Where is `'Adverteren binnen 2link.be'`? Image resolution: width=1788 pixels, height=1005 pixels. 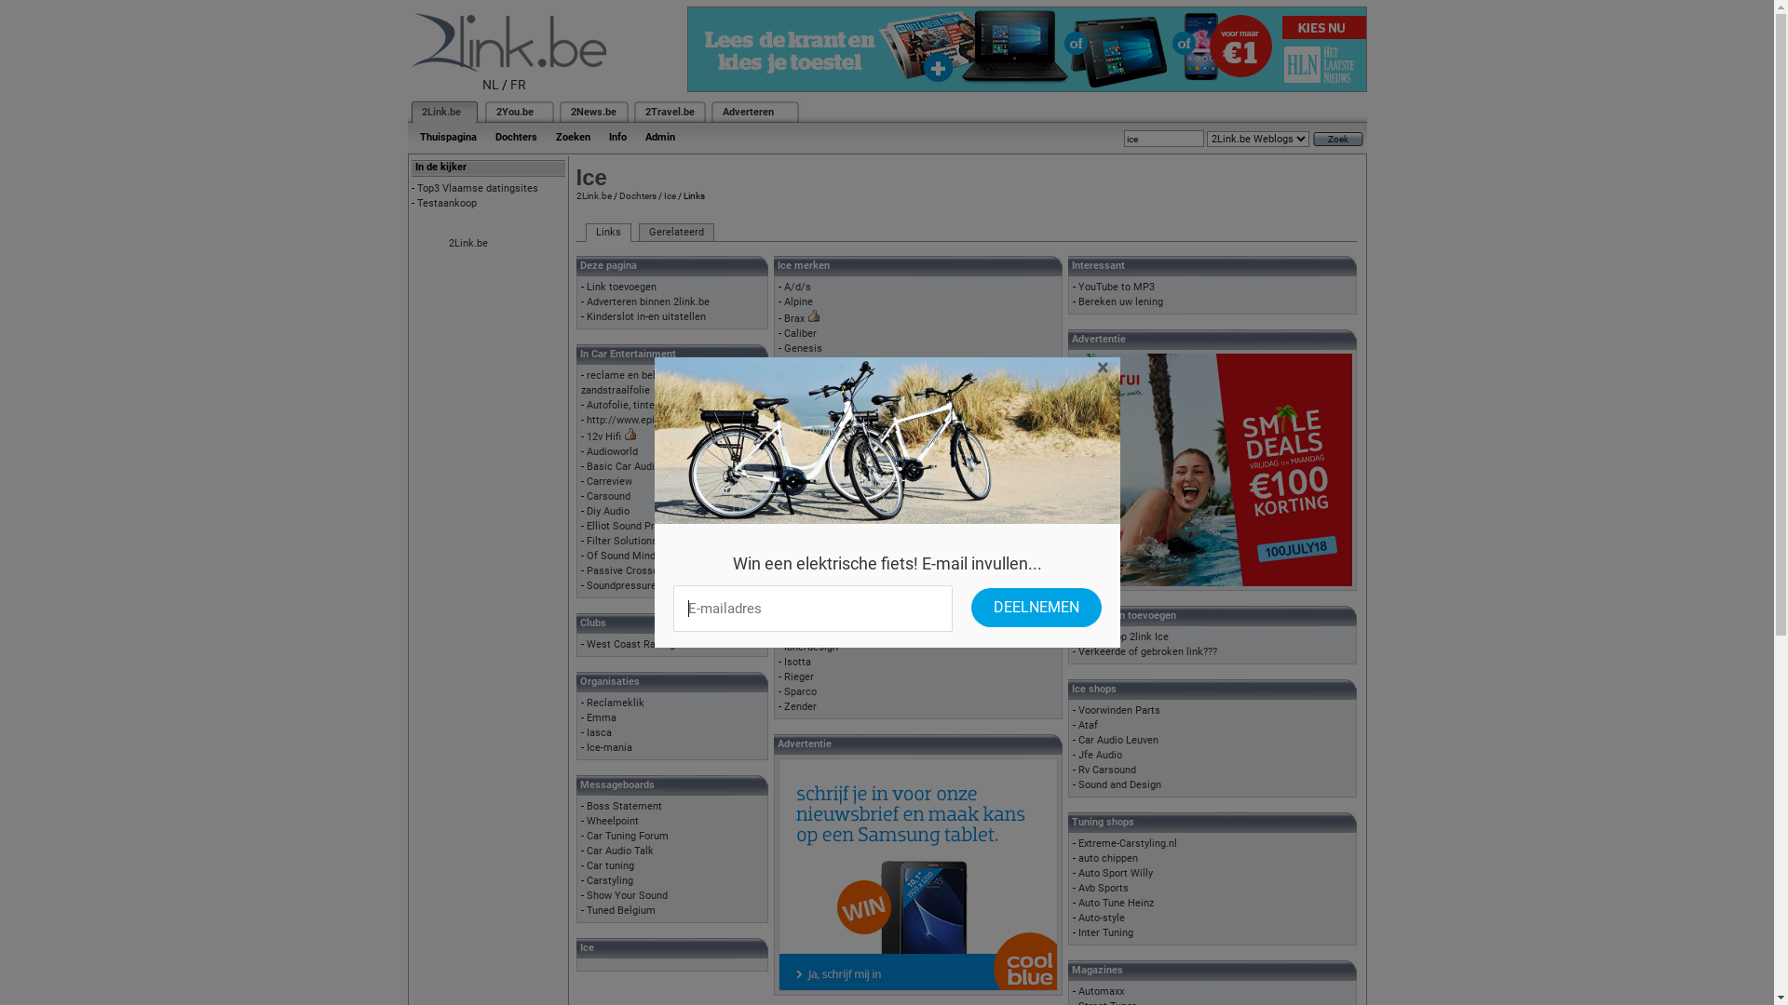 'Adverteren binnen 2link.be' is located at coordinates (585, 301).